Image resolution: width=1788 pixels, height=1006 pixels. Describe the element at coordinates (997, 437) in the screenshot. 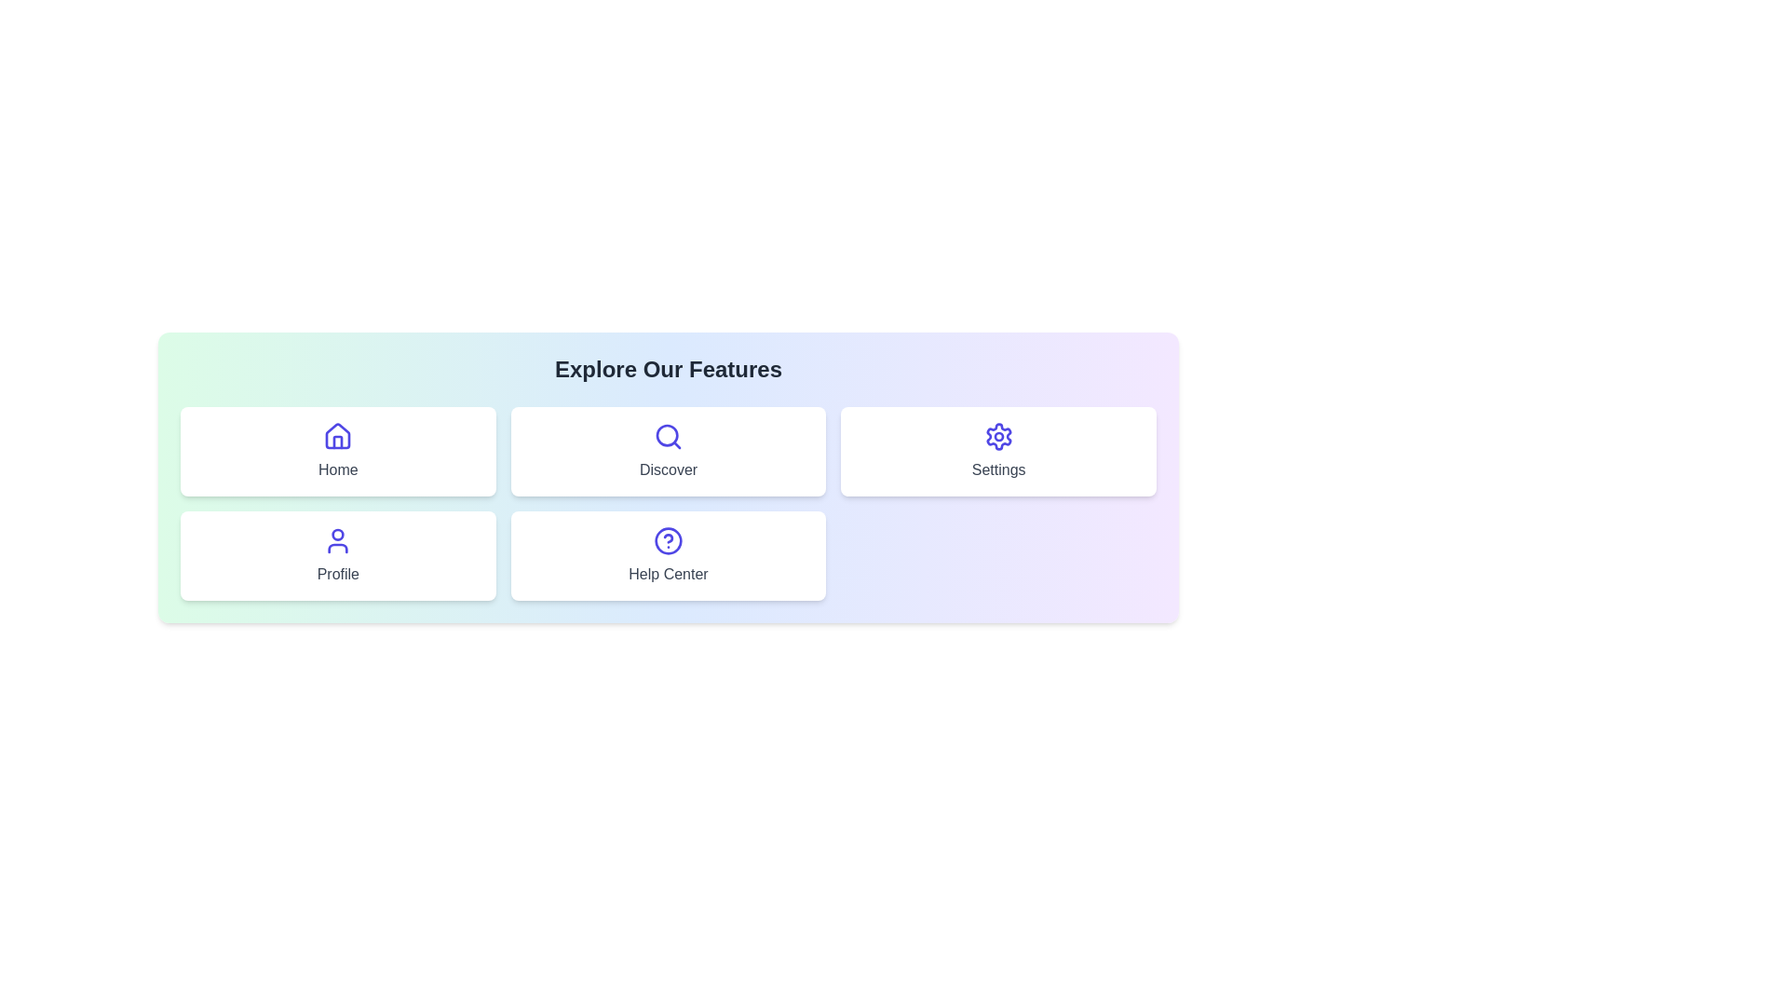

I see `the gear icon located at the top center of the 'Settings' tile in the third column of the top row in the grid layout` at that location.